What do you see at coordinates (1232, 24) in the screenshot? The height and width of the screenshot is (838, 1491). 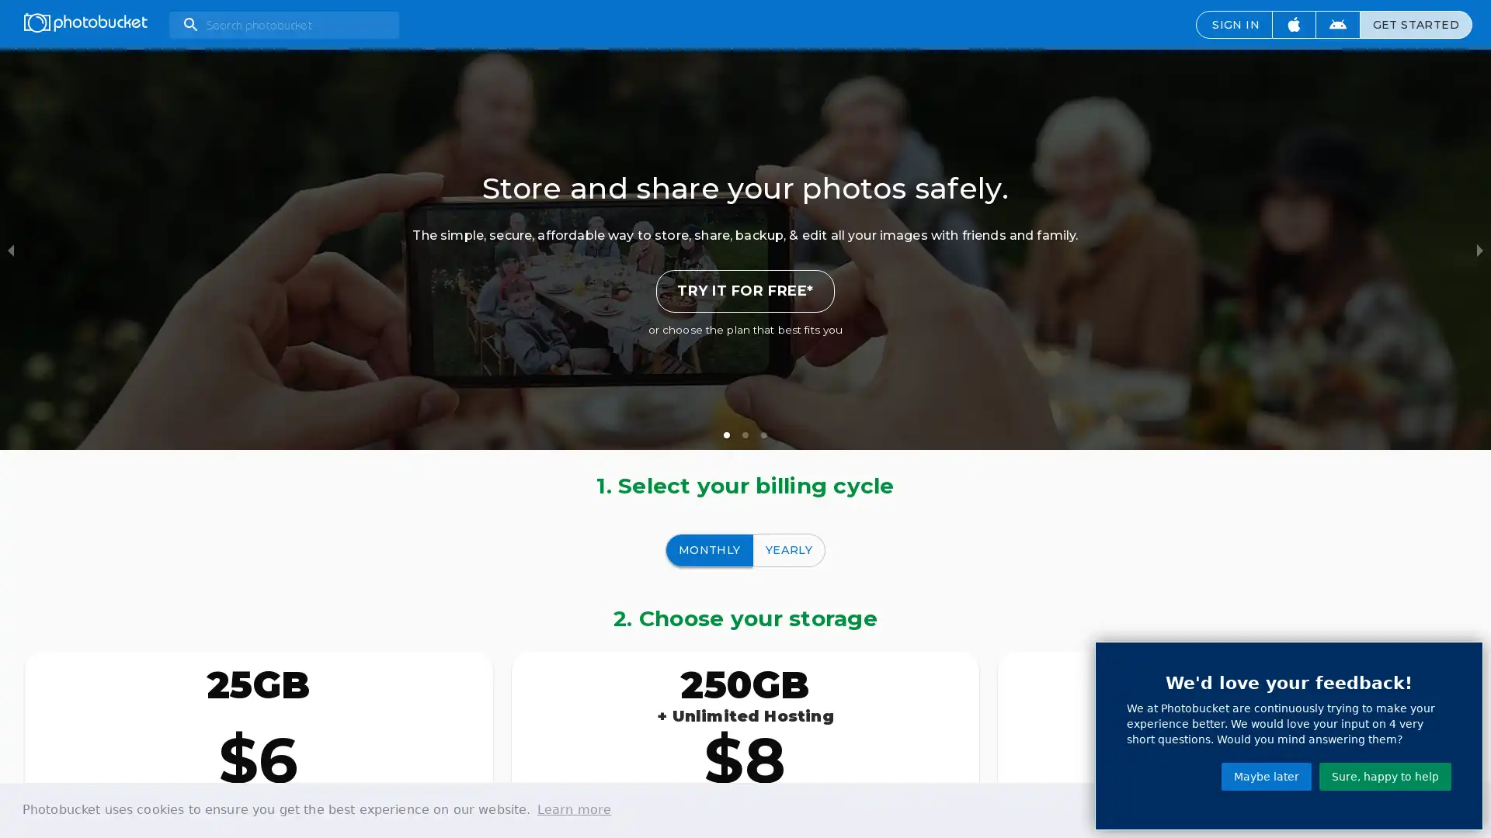 I see `SIGN IN` at bounding box center [1232, 24].